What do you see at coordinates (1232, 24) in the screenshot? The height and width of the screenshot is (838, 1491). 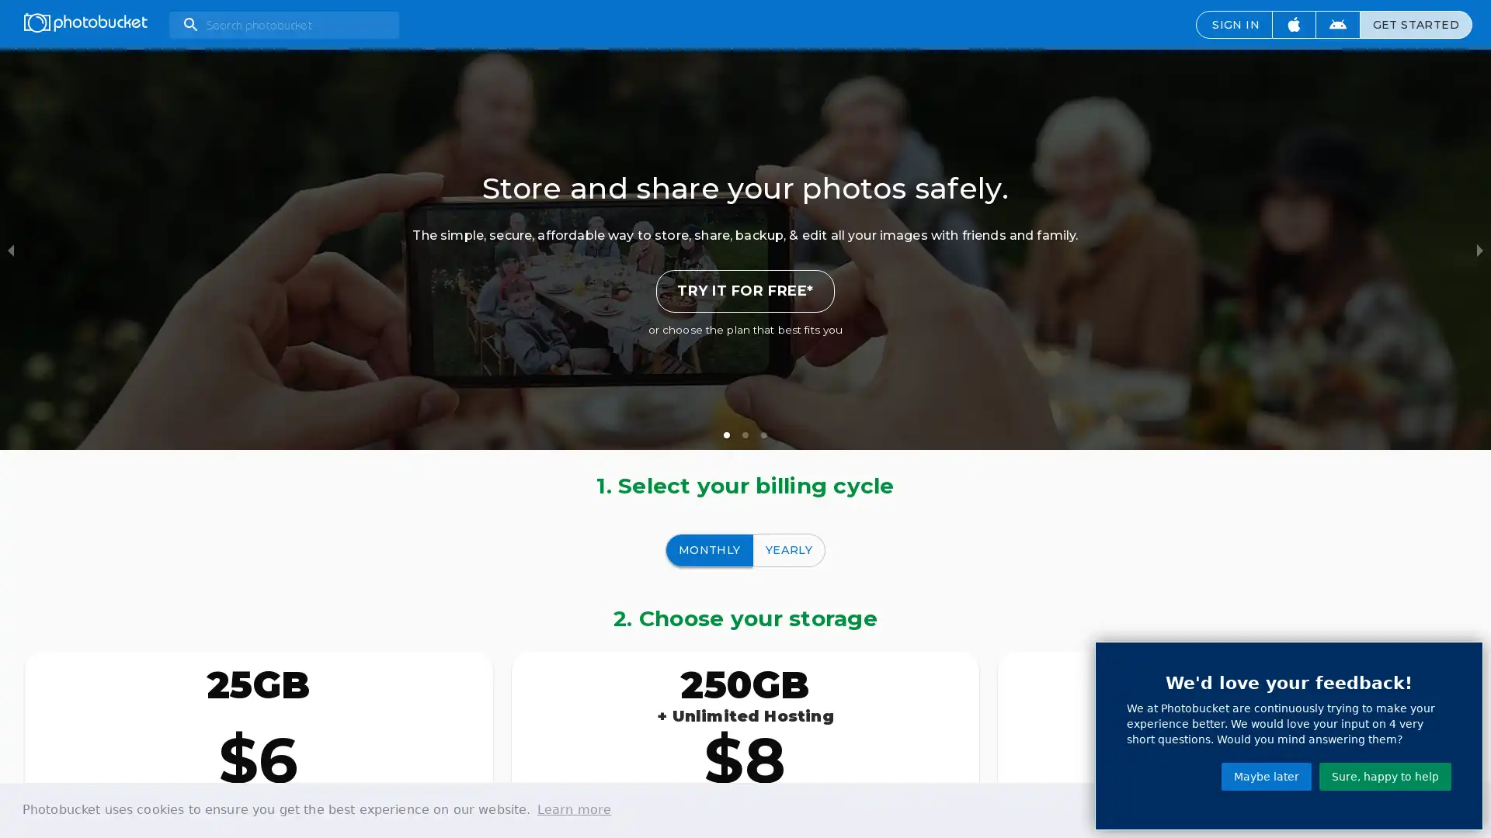 I see `SIGN IN` at bounding box center [1232, 24].